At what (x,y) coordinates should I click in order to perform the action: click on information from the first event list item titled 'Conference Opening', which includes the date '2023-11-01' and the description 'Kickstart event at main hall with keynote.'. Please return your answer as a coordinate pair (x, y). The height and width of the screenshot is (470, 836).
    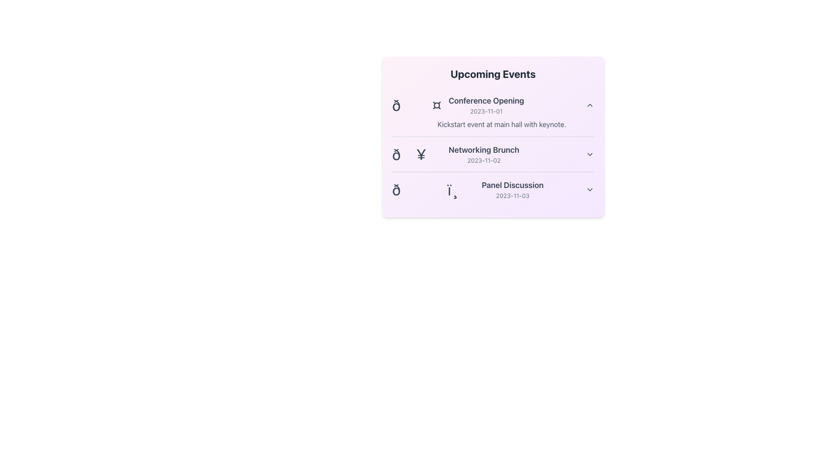
    Looking at the image, I should click on (493, 112).